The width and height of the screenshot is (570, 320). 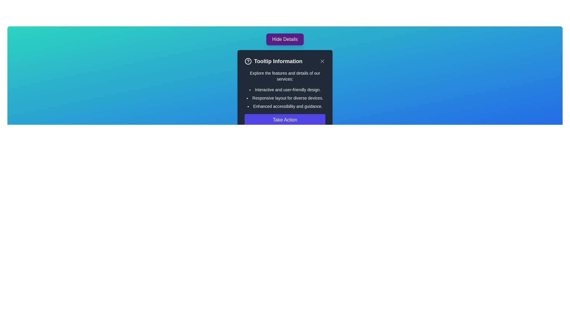 I want to click on the second item in the bulleted list within the tooltip box that provides information about the responsiveness of layouts for diverse devices, located between 'Interactive and user-friendly design.' and 'Enhanced accessibility and guidance.', so click(x=285, y=98).